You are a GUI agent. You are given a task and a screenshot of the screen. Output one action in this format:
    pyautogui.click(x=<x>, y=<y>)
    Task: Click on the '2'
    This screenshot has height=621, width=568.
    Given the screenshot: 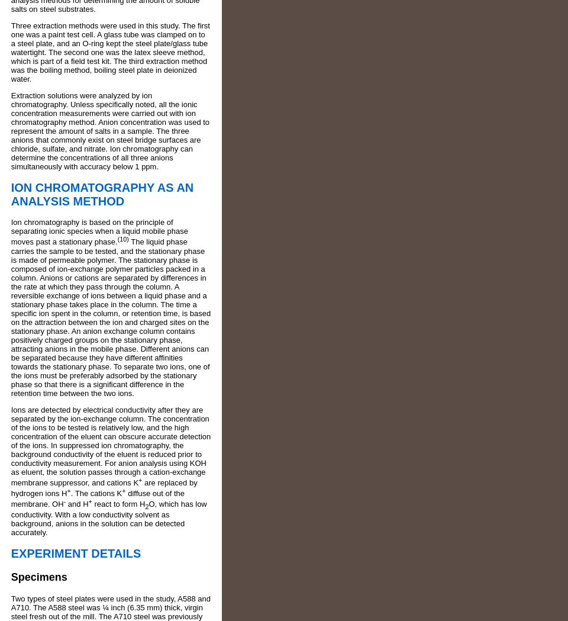 What is the action you would take?
    pyautogui.click(x=146, y=506)
    